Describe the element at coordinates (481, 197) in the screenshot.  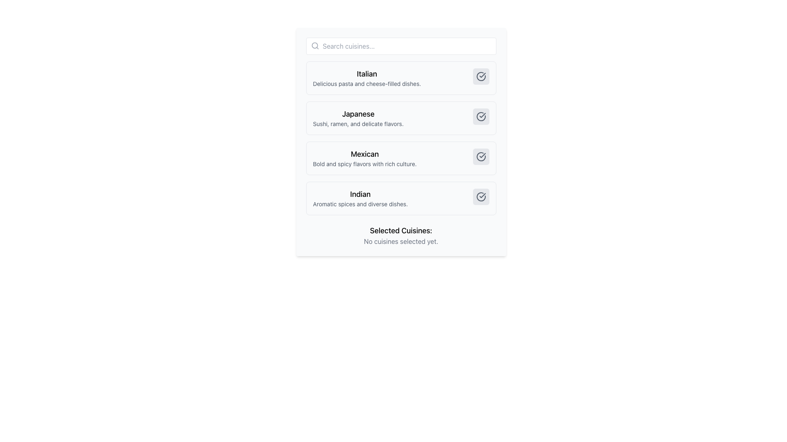
I see `the interactive checkbox icon that indicates the selected state of the 'Indian' cuisine option in the list` at that location.